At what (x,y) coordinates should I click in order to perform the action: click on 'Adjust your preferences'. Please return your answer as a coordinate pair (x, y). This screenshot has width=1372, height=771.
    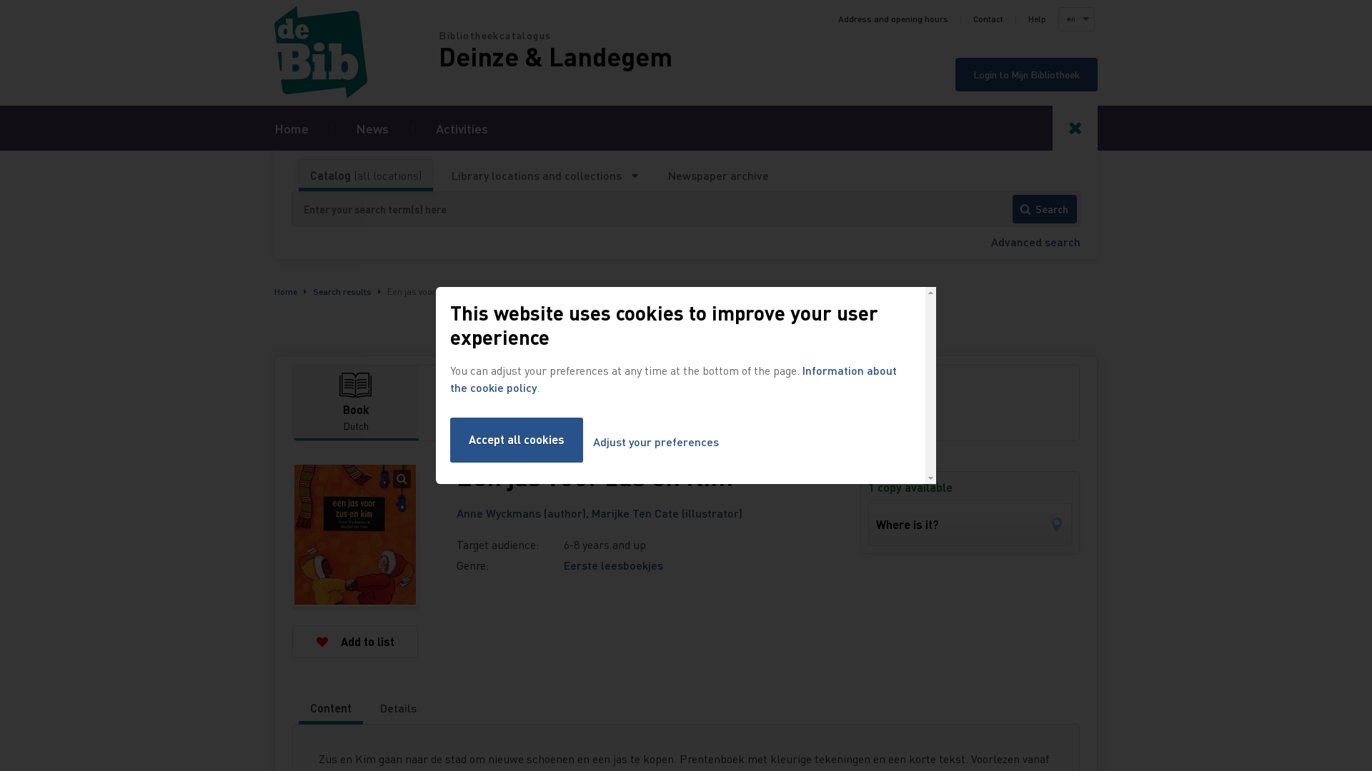
    Looking at the image, I should click on (655, 441).